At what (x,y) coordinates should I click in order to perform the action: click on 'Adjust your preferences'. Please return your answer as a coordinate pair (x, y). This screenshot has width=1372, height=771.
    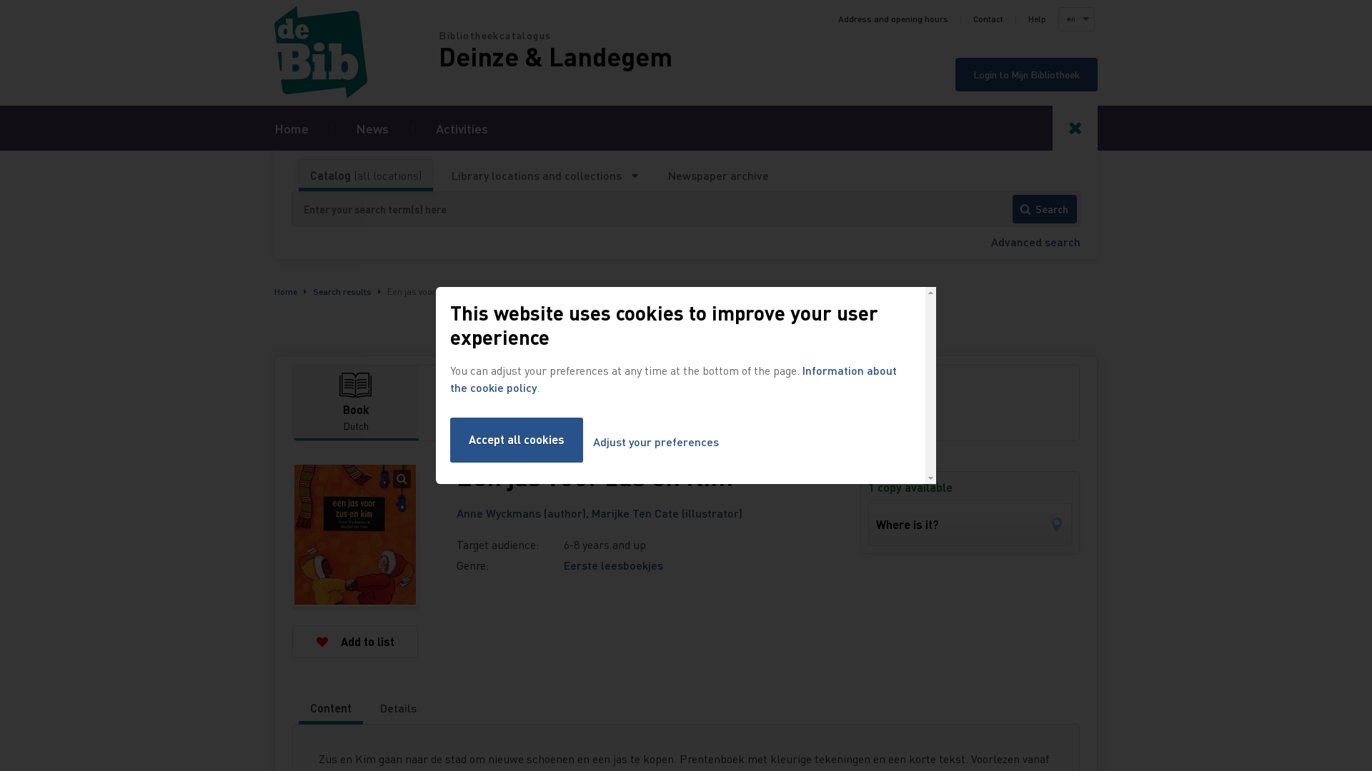
    Looking at the image, I should click on (655, 441).